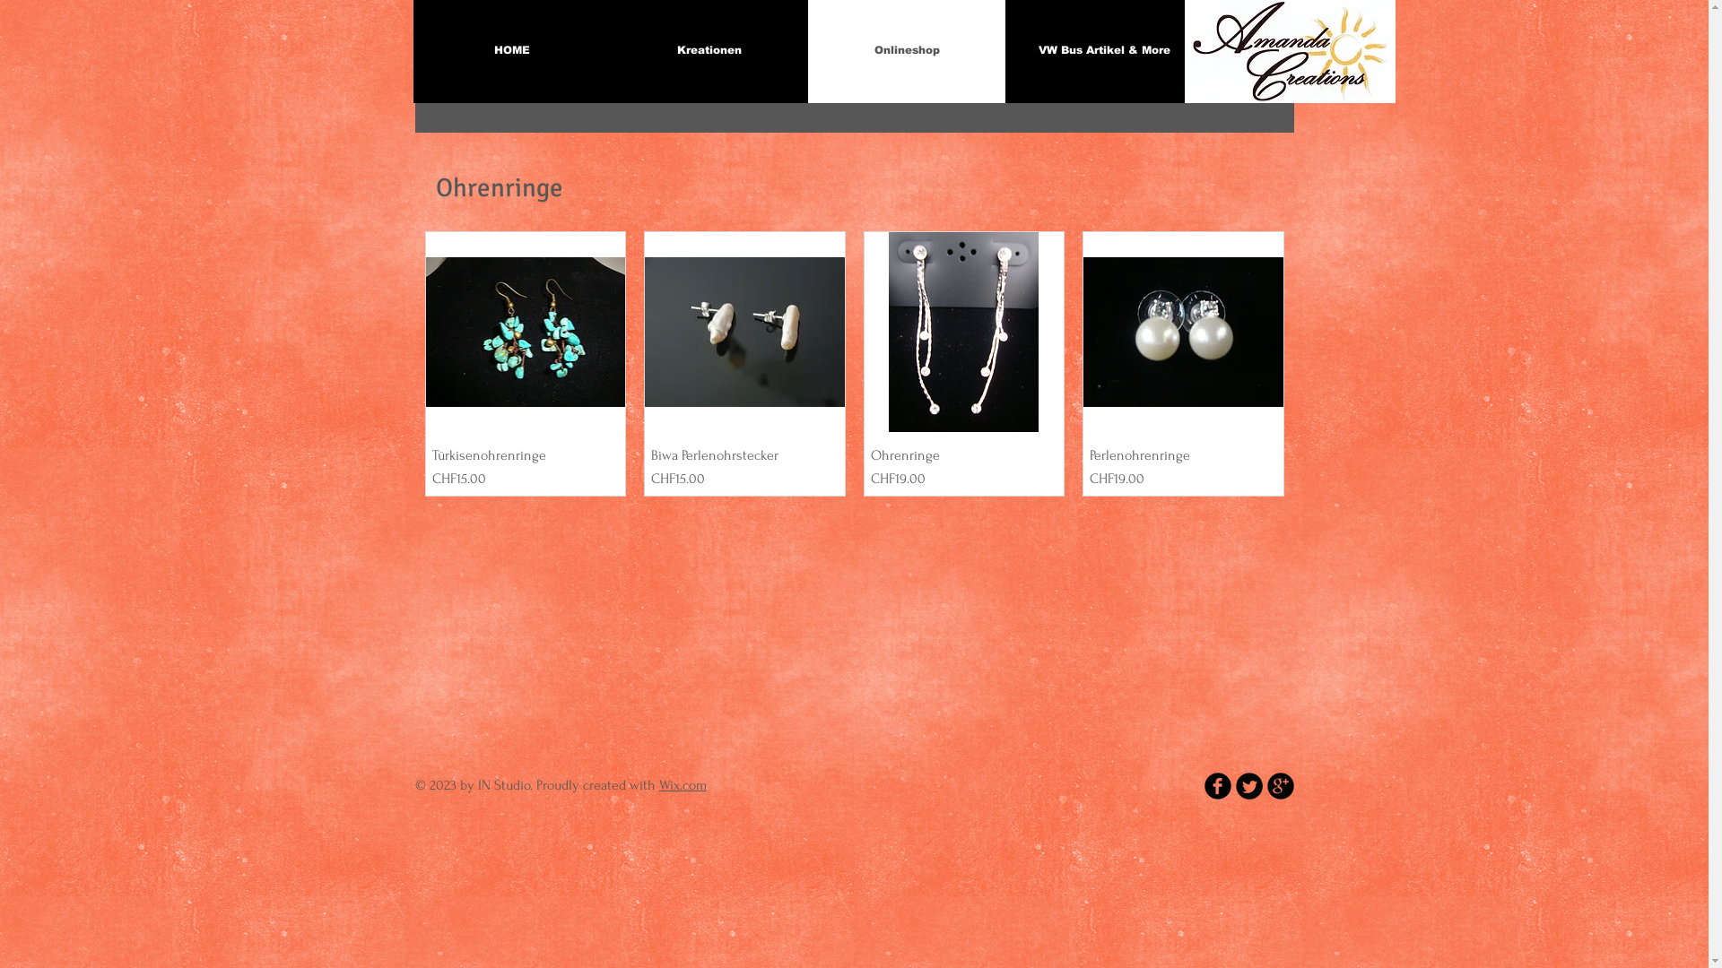  I want to click on 'Wix.com', so click(681, 783).